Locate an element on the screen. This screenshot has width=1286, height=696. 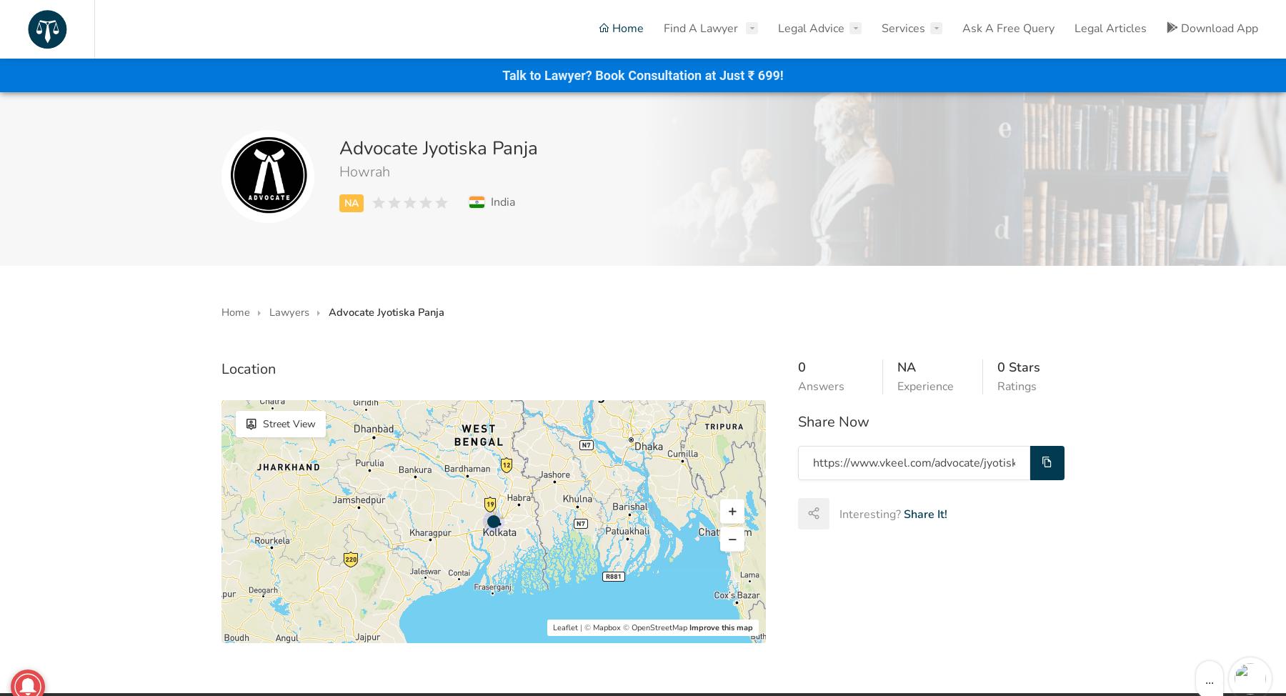
'Book Consultation at Just ₹ 699!' is located at coordinates (595, 74).